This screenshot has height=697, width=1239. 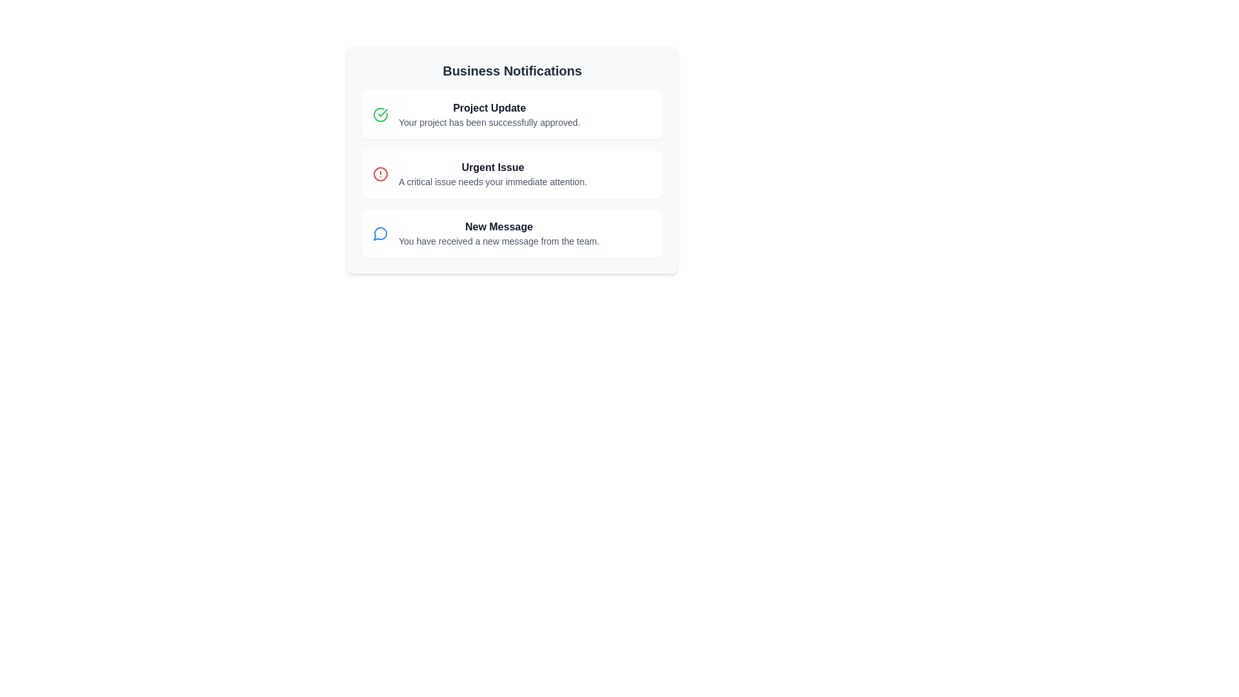 What do you see at coordinates (492, 167) in the screenshot?
I see `the text element labeled 'Urgent Issue', which is styled in bold font and located at the top-center of a notification card` at bounding box center [492, 167].